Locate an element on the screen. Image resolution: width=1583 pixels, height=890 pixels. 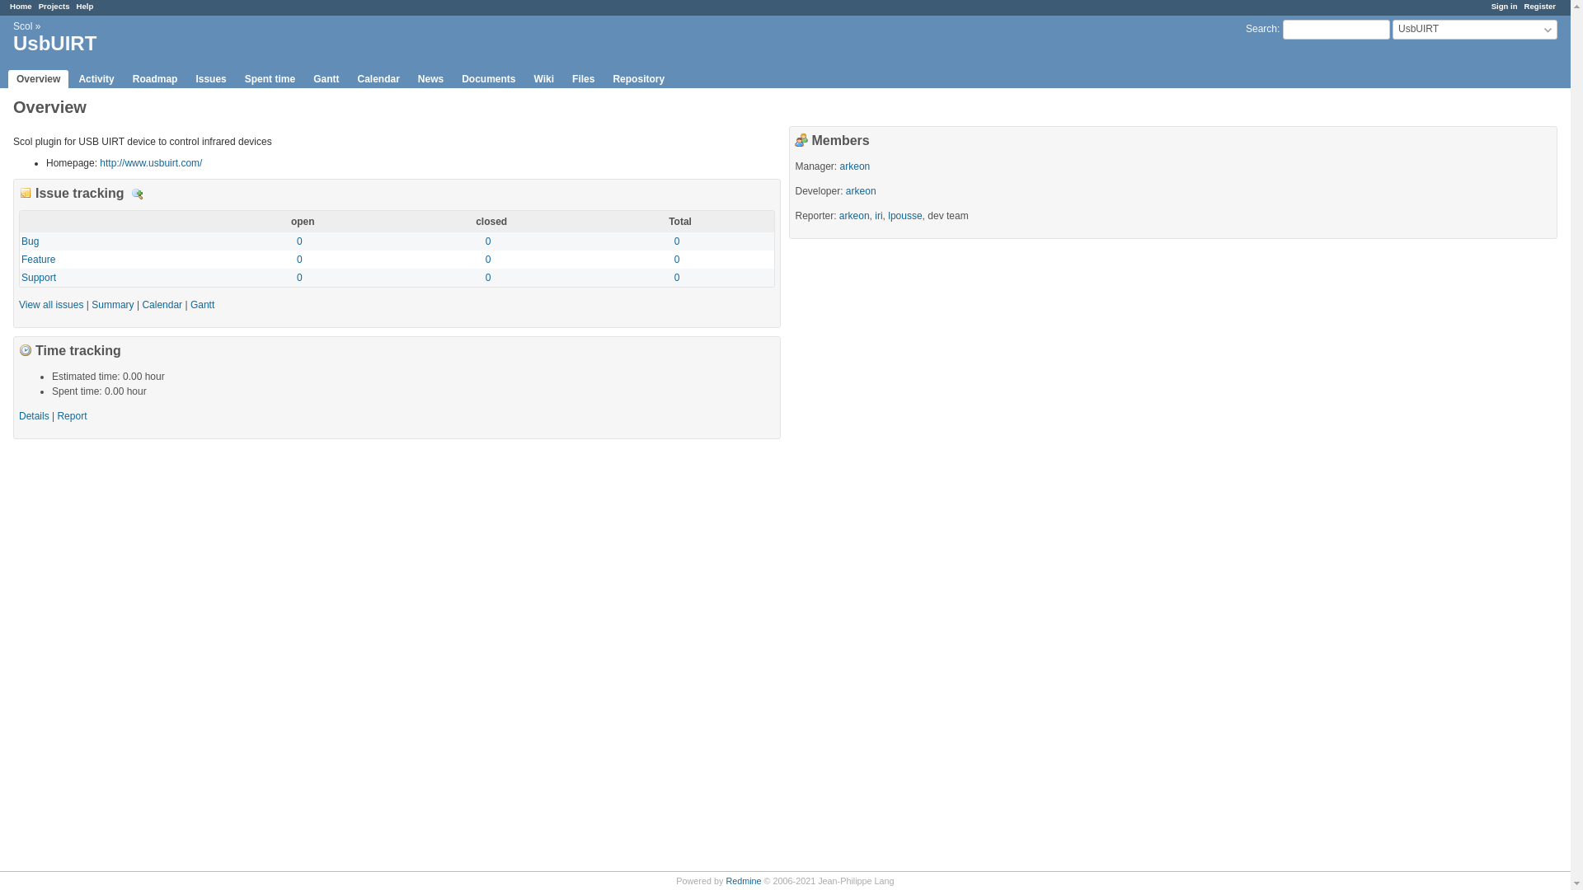
'Documents' is located at coordinates (487, 79).